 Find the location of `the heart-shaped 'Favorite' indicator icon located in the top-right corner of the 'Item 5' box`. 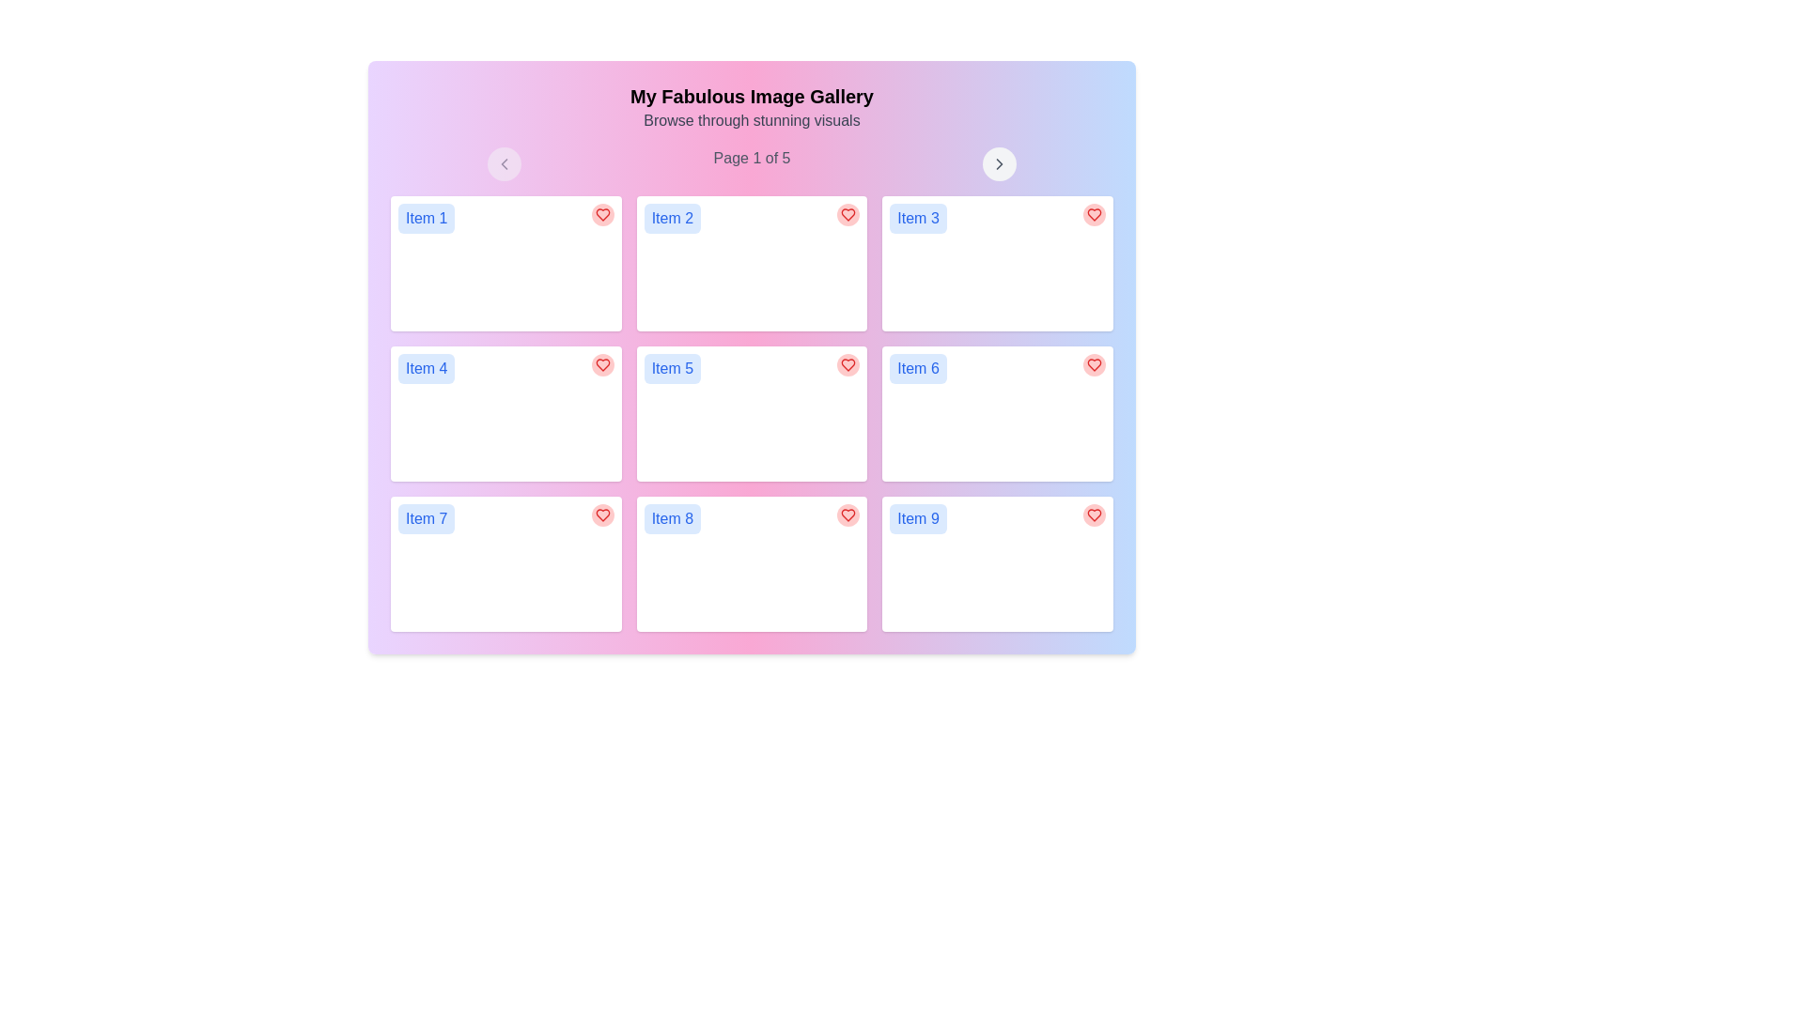

the heart-shaped 'Favorite' indicator icon located in the top-right corner of the 'Item 5' box is located at coordinates (848, 365).